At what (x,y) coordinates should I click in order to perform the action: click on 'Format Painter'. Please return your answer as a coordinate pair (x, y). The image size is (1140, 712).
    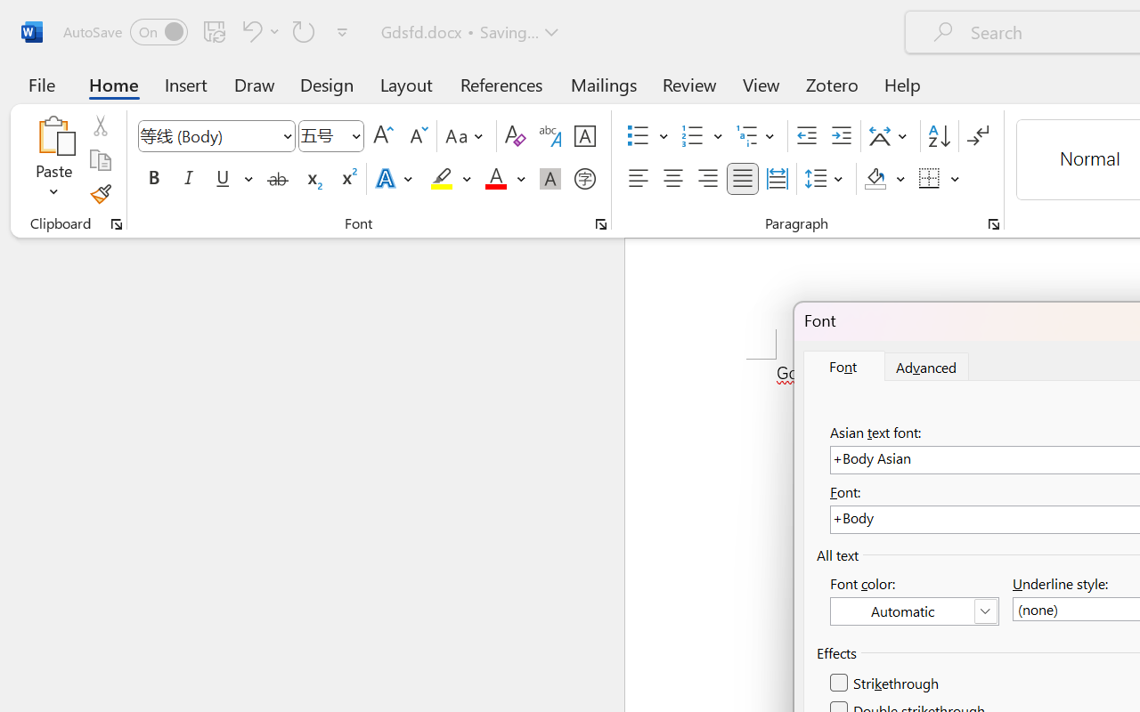
    Looking at the image, I should click on (99, 194).